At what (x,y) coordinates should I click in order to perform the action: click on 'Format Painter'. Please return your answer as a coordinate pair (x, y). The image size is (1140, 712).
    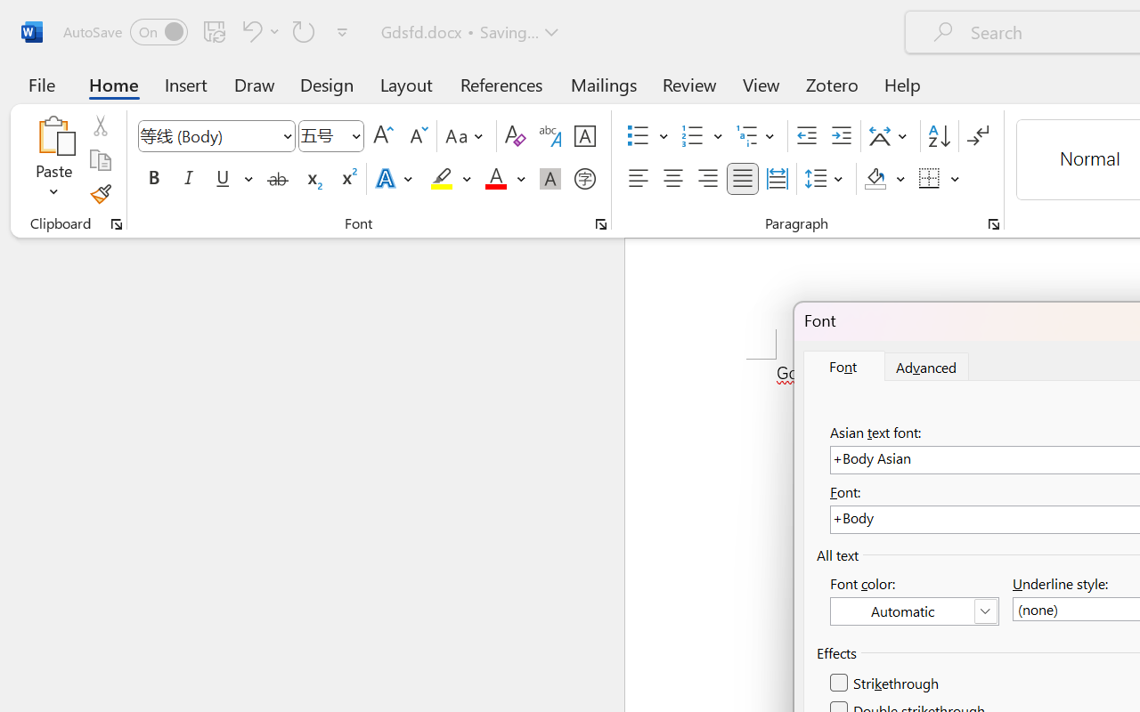
    Looking at the image, I should click on (99, 194).